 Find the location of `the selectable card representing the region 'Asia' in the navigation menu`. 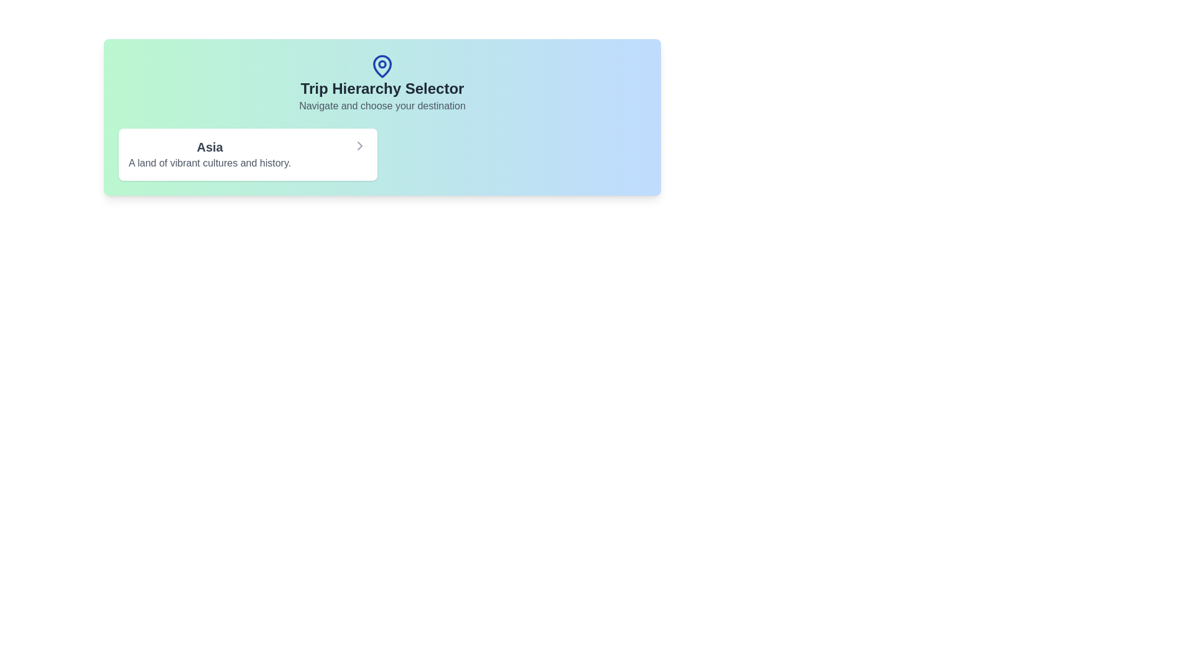

the selectable card representing the region 'Asia' in the navigation menu is located at coordinates (248, 154).